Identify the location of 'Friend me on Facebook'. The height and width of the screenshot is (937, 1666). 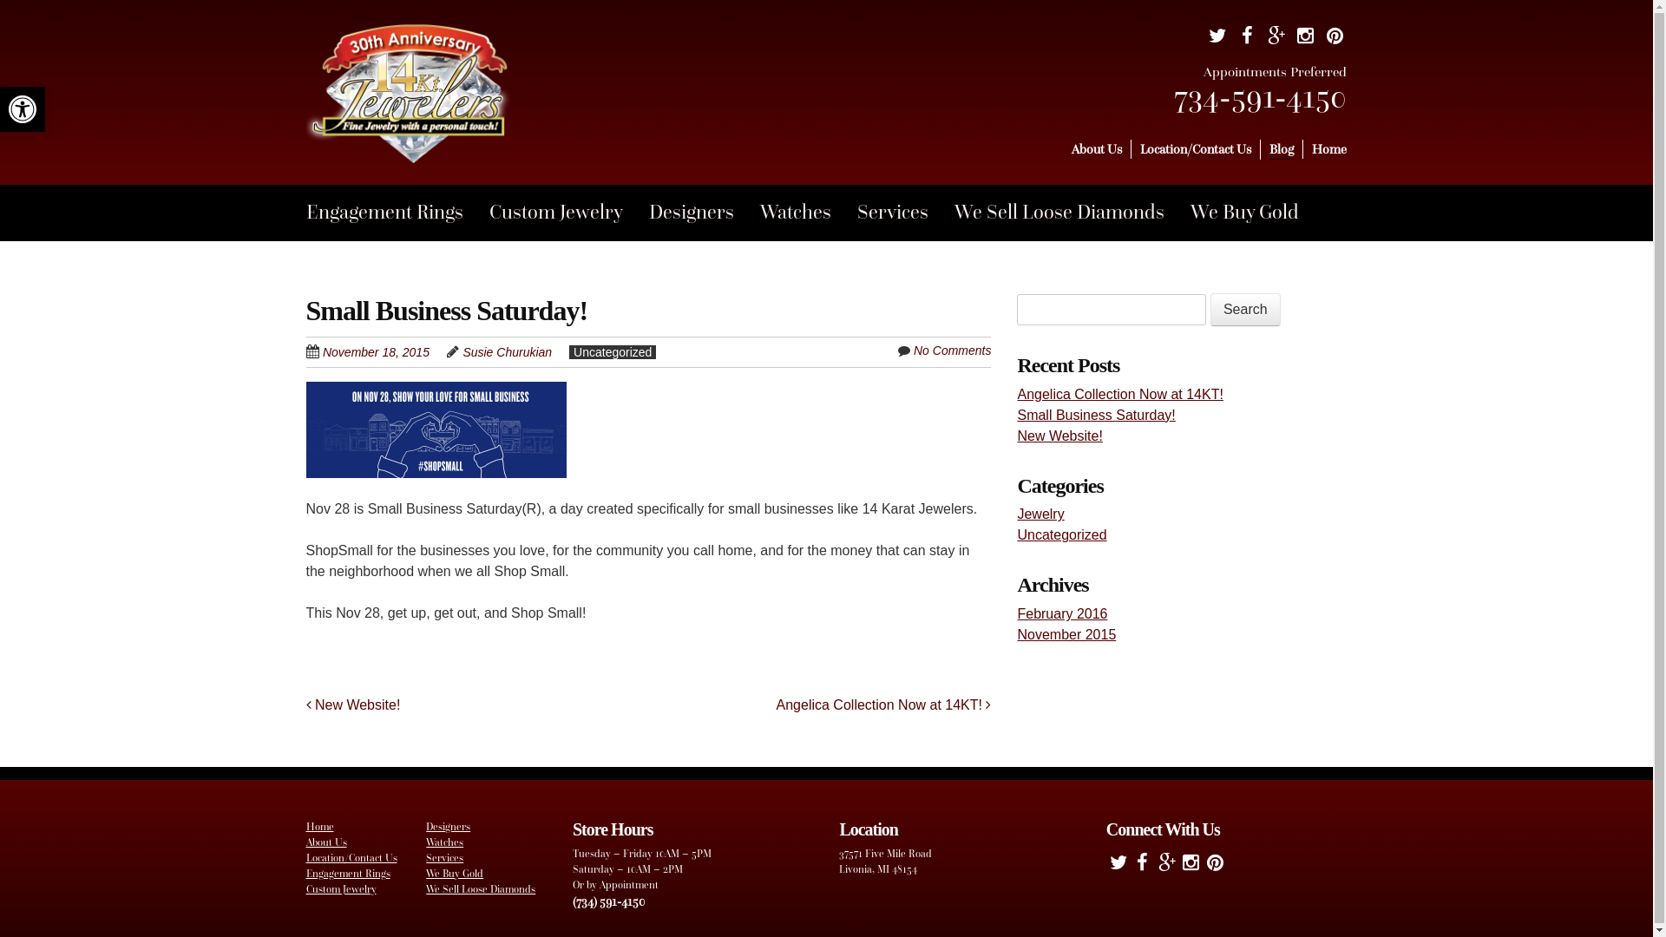
(1142, 866).